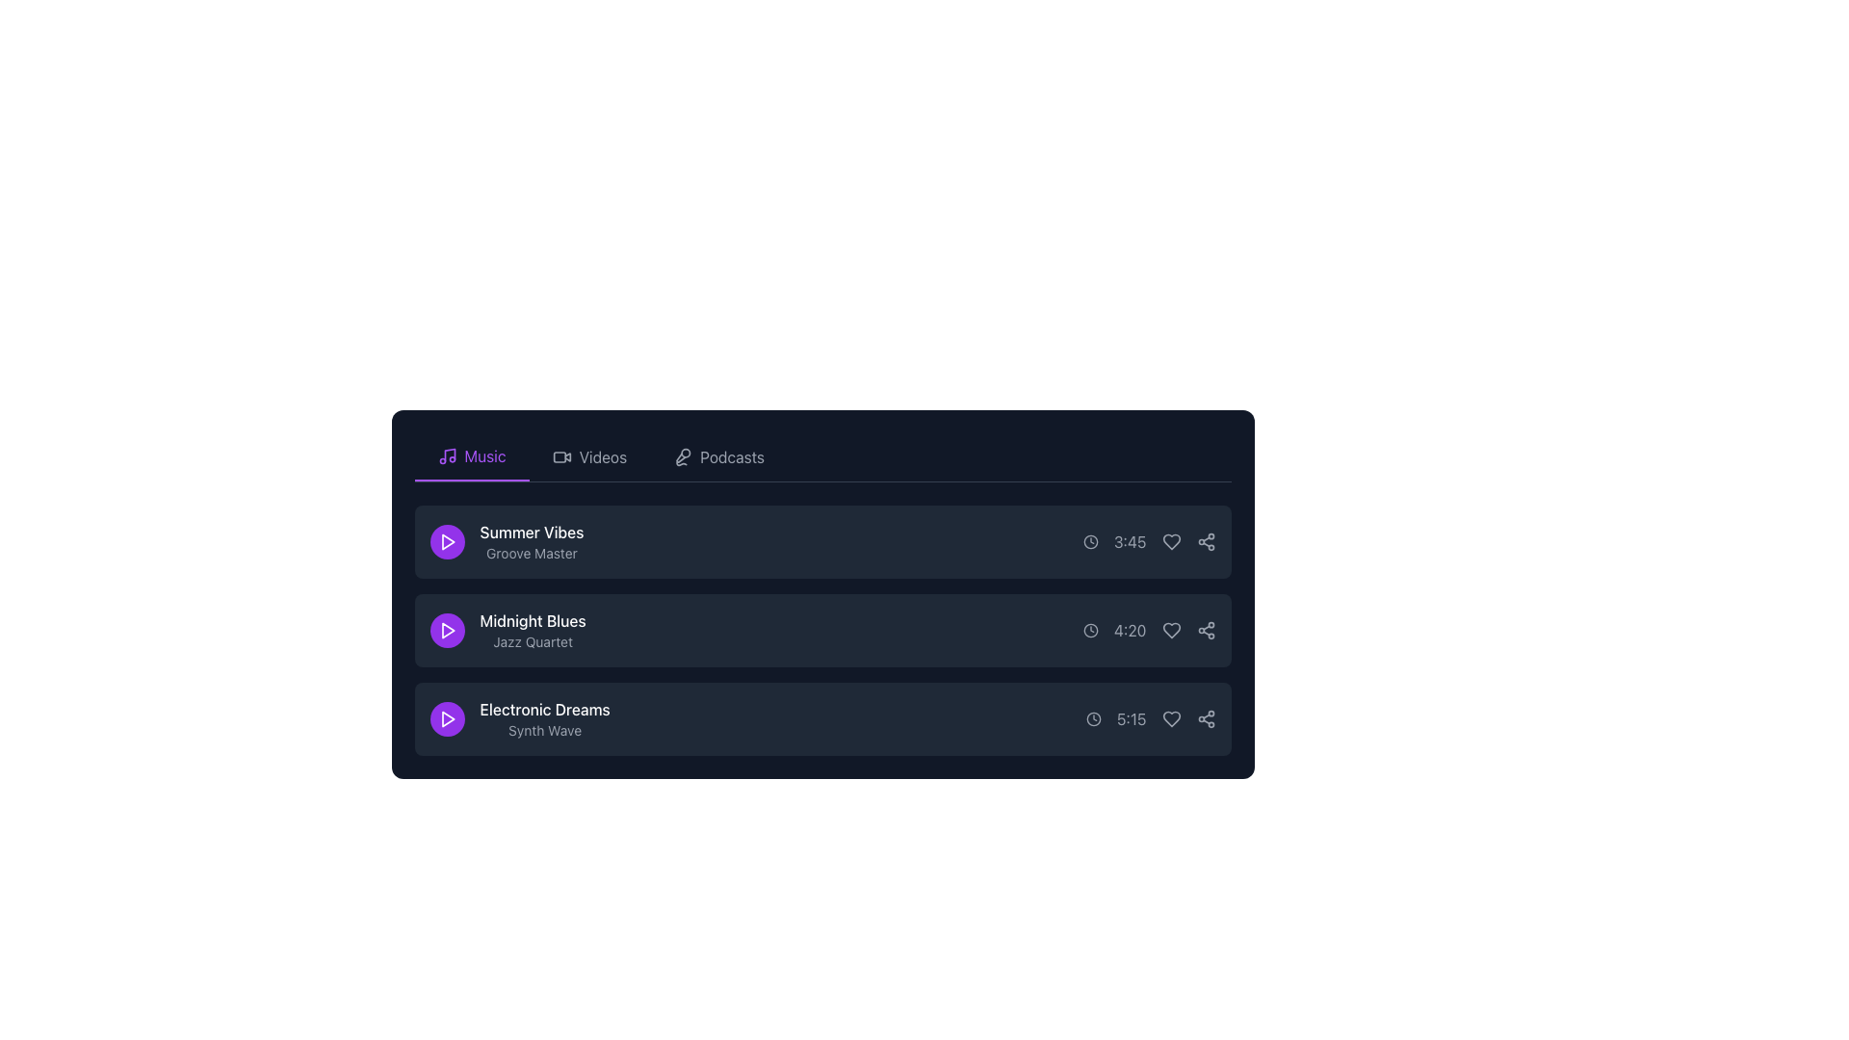  I want to click on the play button icon located at the center of the circular button to the left of the 'Summer Vibes' text, so click(446, 542).